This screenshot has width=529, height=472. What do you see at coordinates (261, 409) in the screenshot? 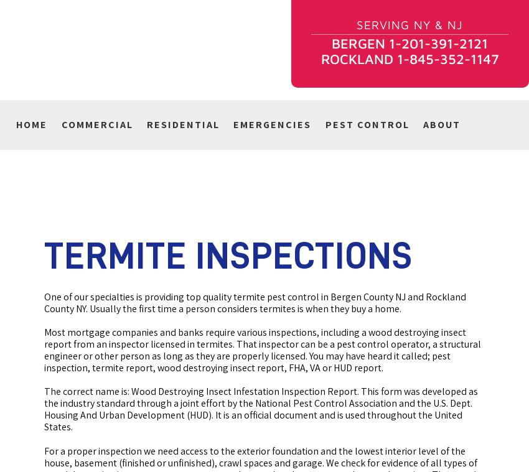
I see `'The correct name is: Wood Destroying Insect Infestation Inspection Report. This form was developed as the industry standard through a joint effort by the National Pest Control Association and the U.S. Dept. Housing And Urban Development (HUD). It is an official document and is used throughout the United States.'` at bounding box center [261, 409].